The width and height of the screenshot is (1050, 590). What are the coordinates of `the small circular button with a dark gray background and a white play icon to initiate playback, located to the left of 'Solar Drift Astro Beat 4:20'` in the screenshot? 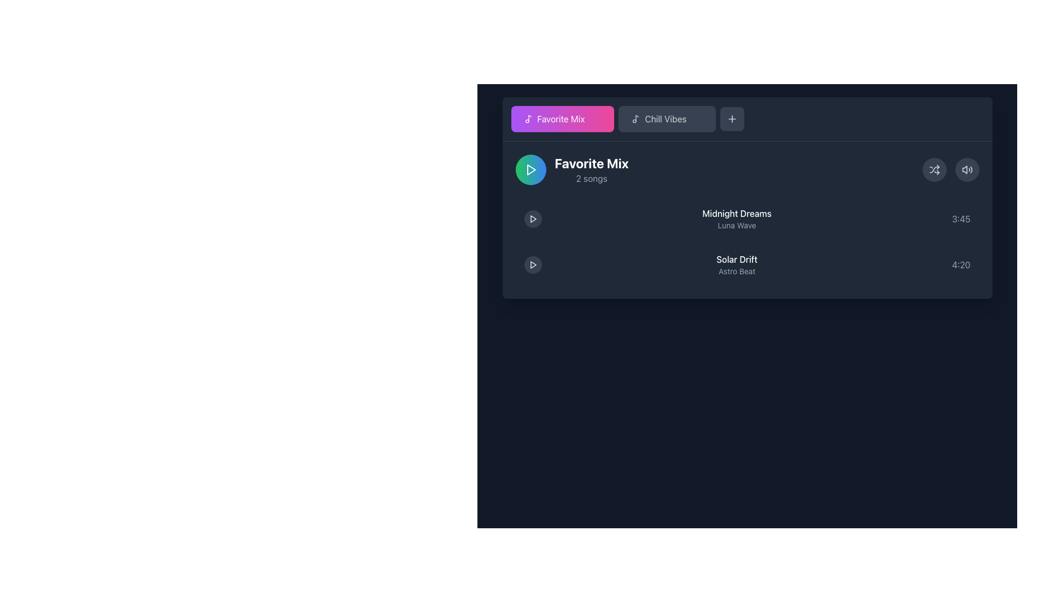 It's located at (533, 265).